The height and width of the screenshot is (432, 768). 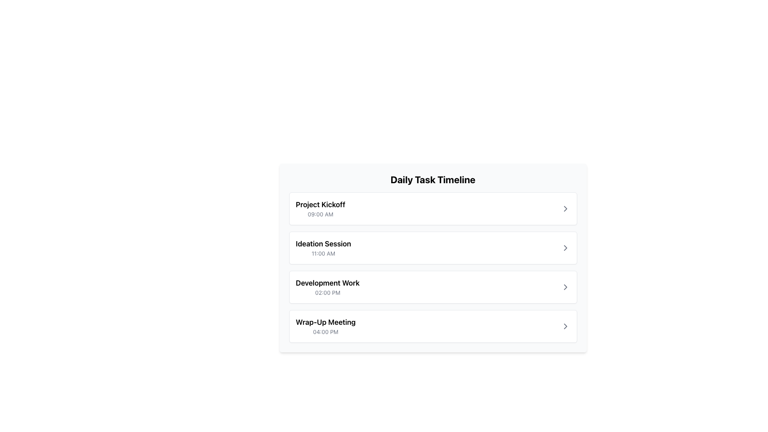 I want to click on the third item, so click(x=432, y=267).